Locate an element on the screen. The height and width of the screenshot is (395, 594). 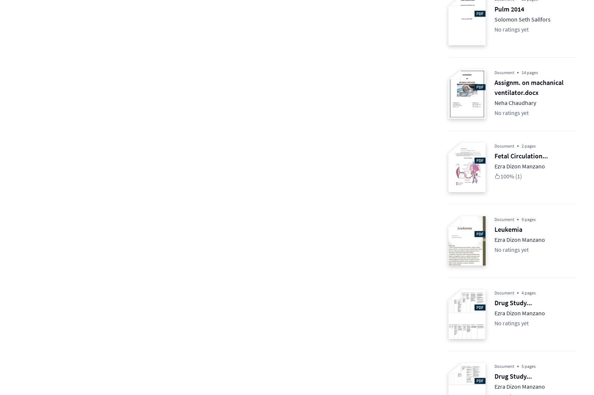
'9 pages' is located at coordinates (529, 219).